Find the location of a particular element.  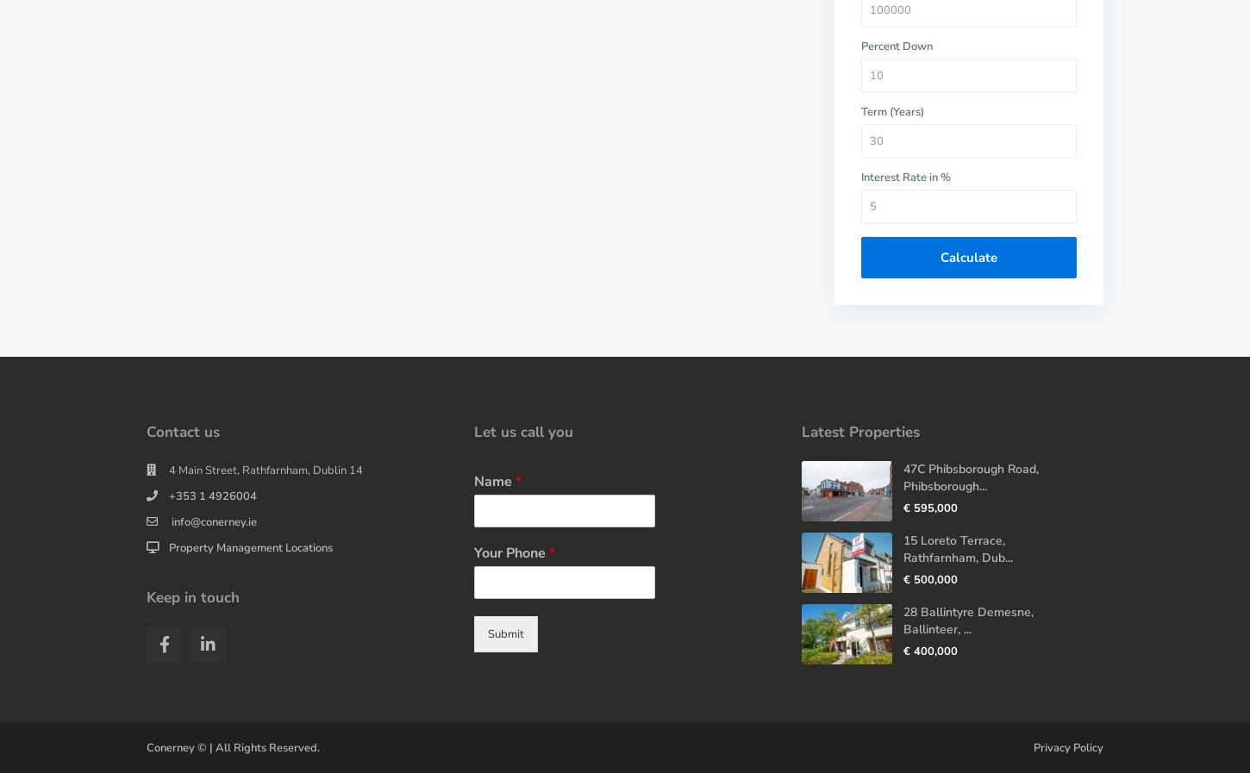

'Let us call you' is located at coordinates (522, 432).